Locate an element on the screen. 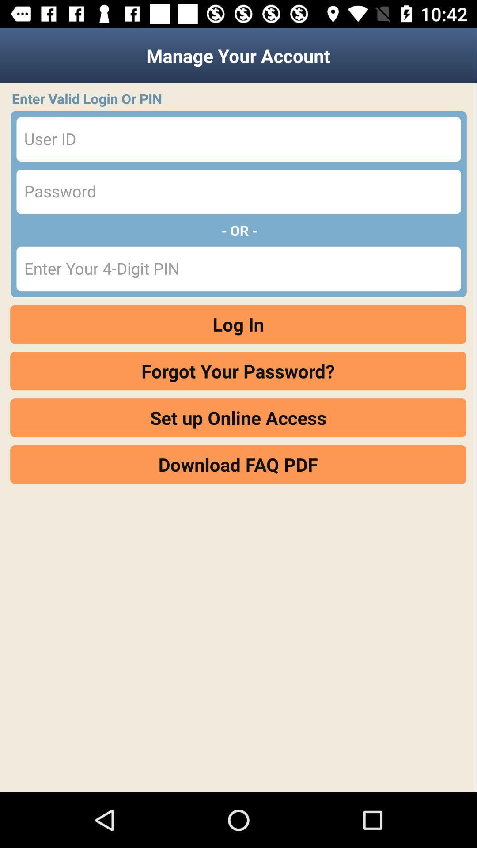 This screenshot has width=477, height=848. user id is located at coordinates (238, 139).